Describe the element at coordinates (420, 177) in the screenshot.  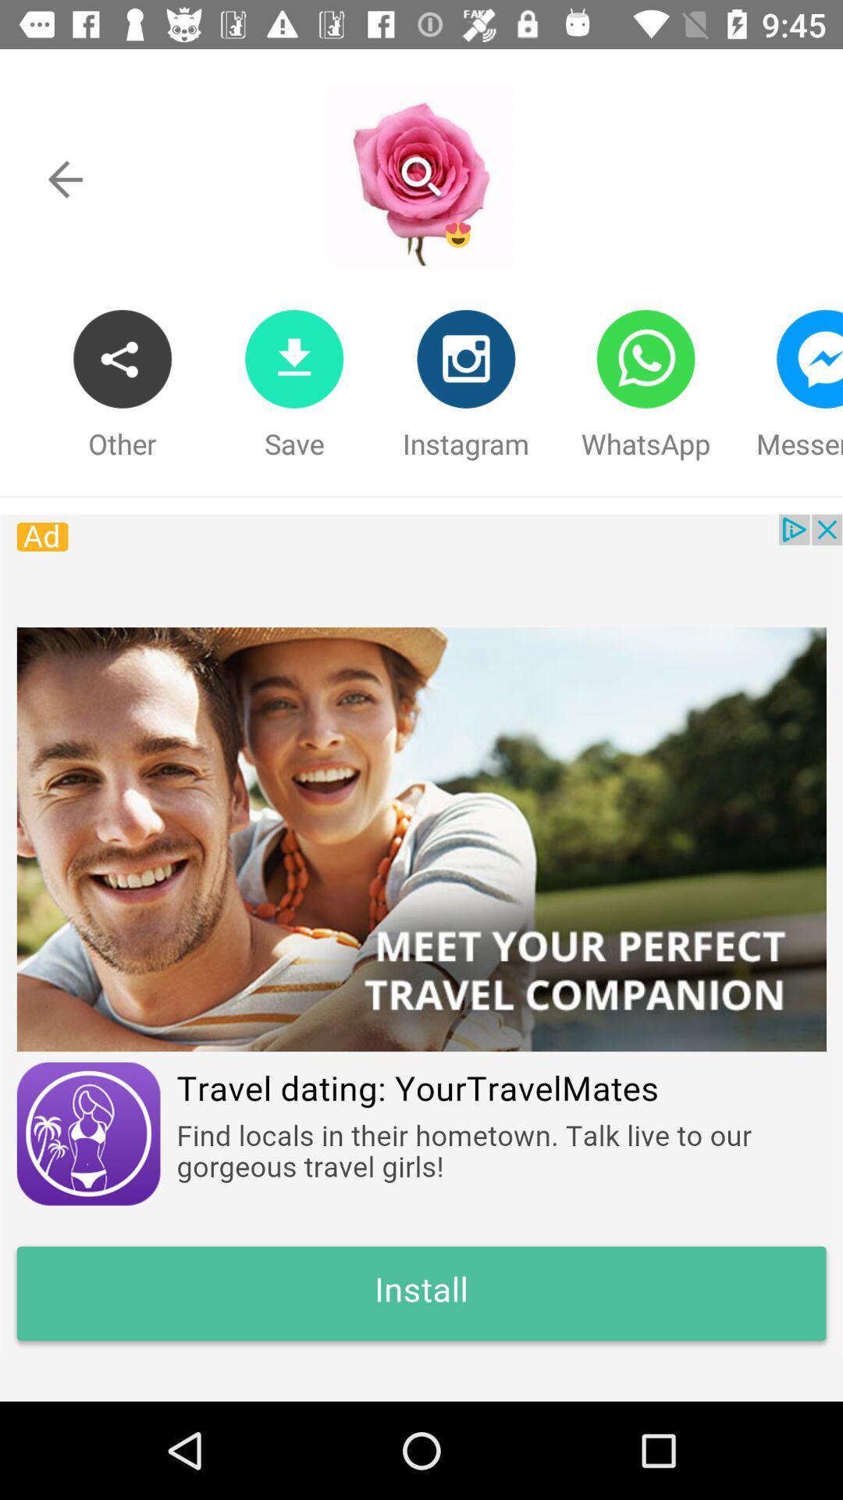
I see `look at profile` at that location.